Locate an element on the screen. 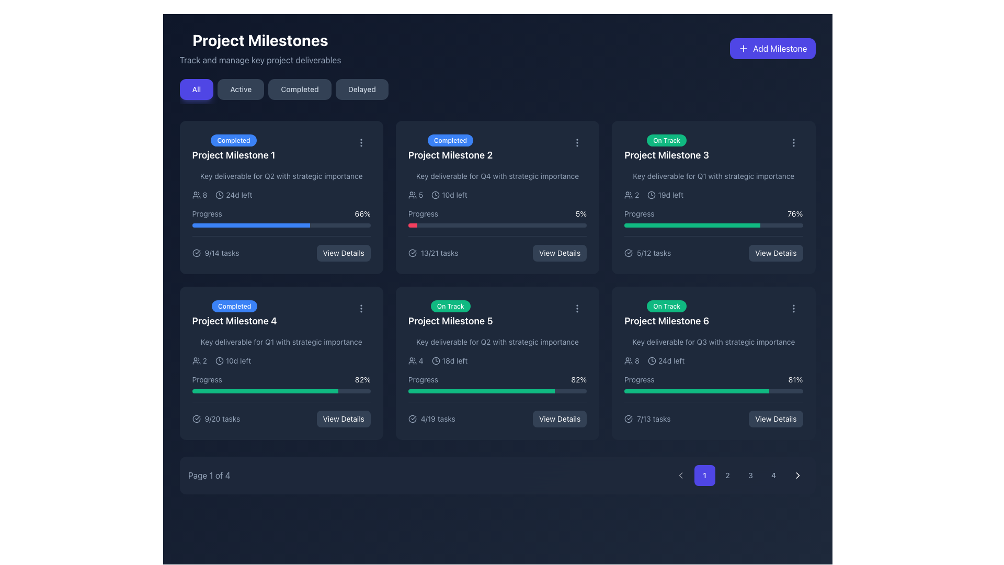 The image size is (1004, 565). the small user icon styled as an outline of two people, located next to the numerical indicator '2' within the 'Project Milestone 3' card is located at coordinates (628, 195).